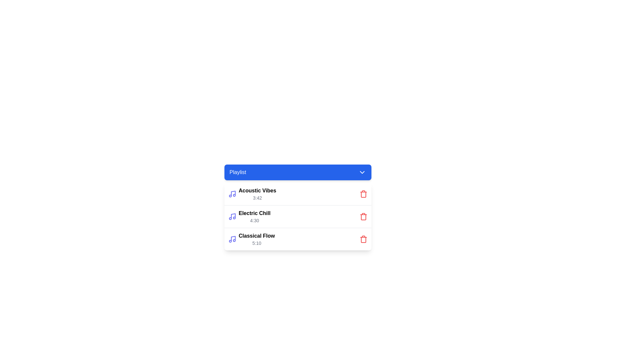 Image resolution: width=630 pixels, height=354 pixels. I want to click on the third music track in the playlist, so click(251, 239).